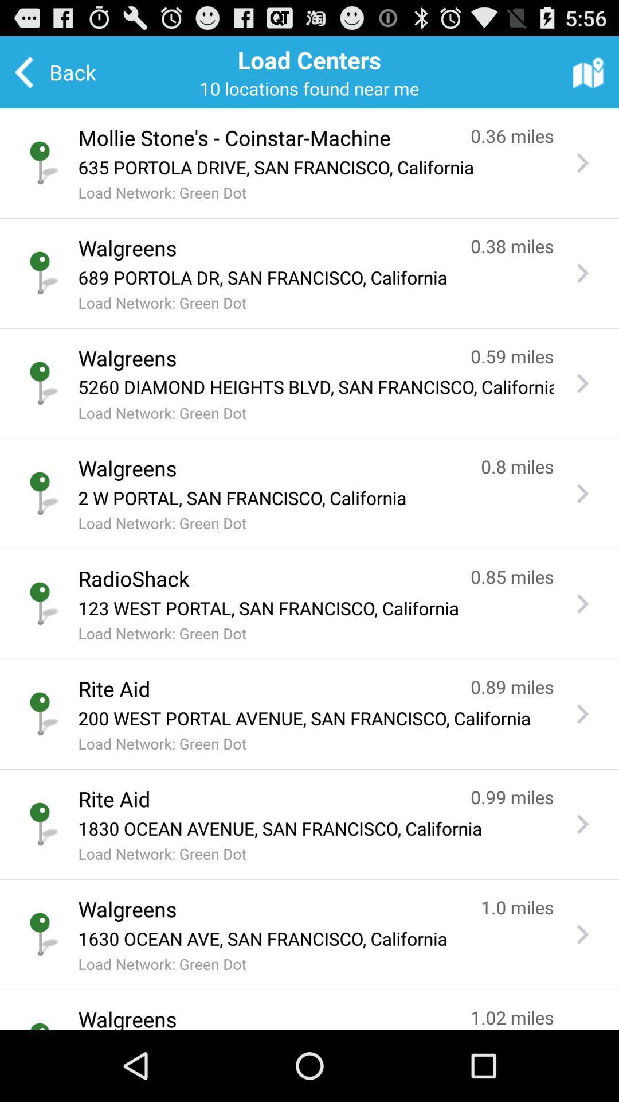  I want to click on the icon above 635 portola drive icon, so click(263, 138).